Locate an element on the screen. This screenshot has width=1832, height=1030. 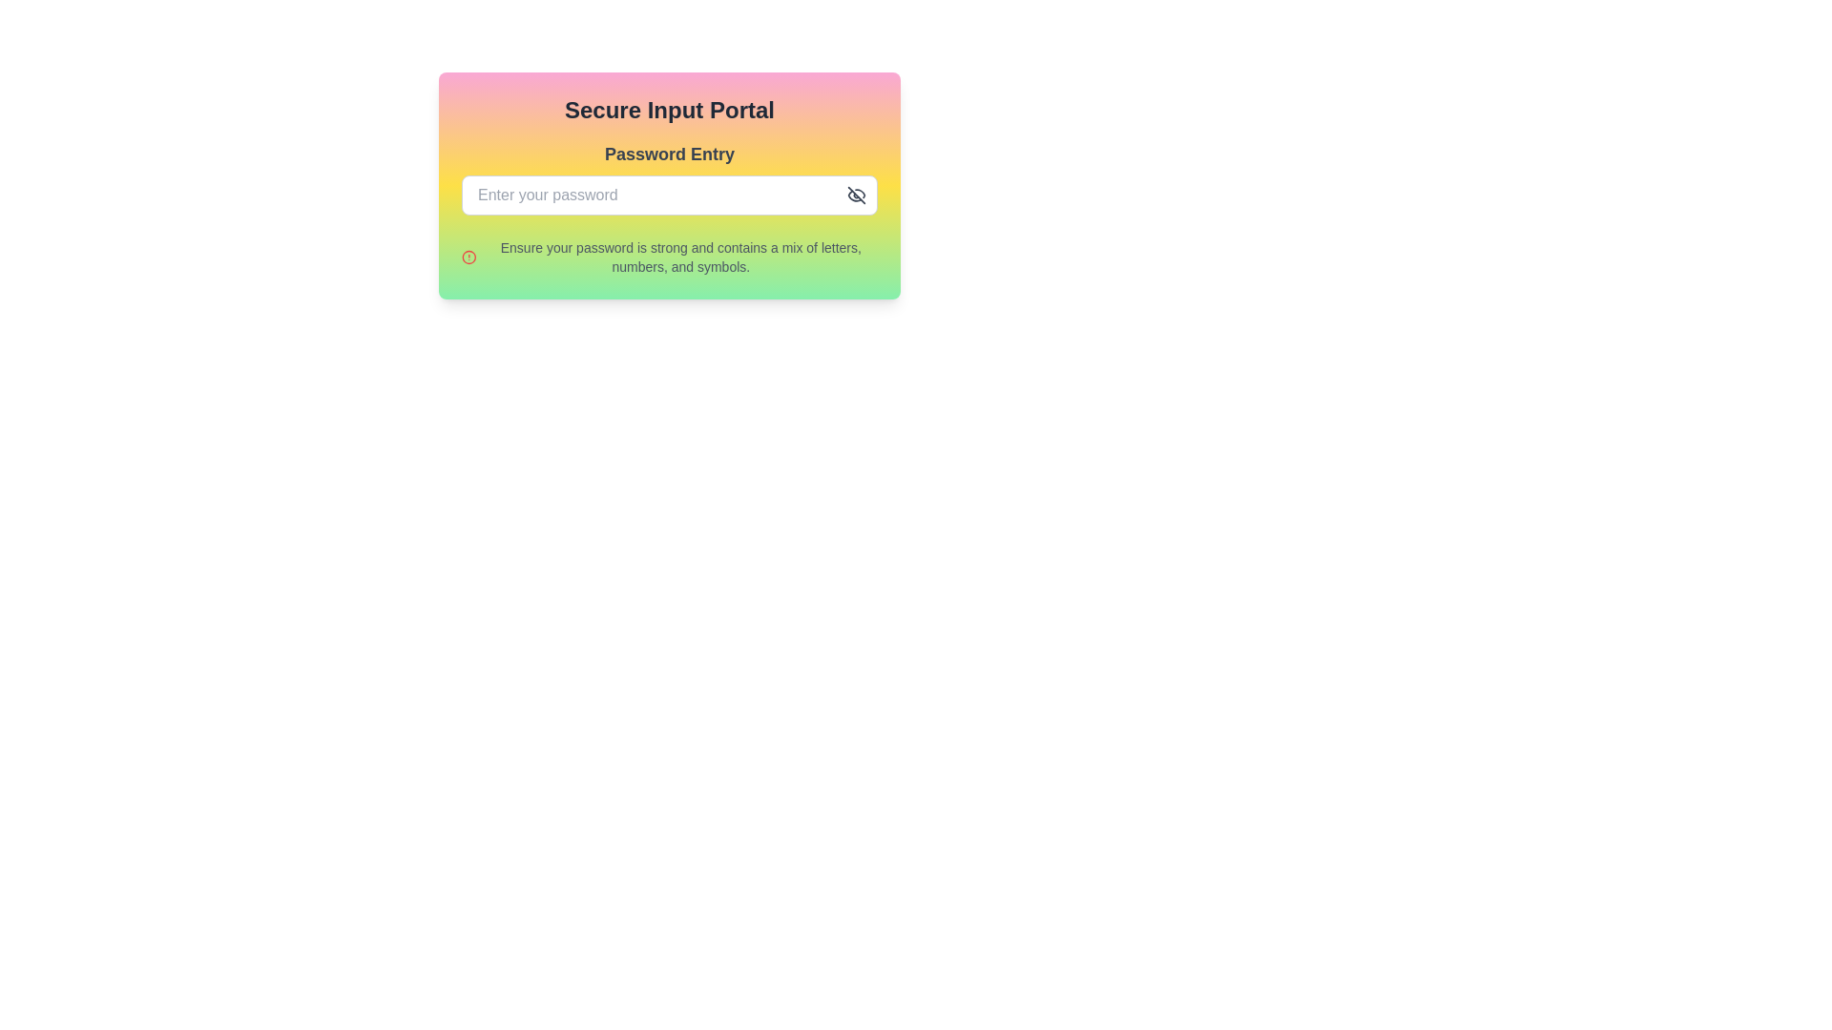
the visibility toggle icon button located to the right of the password input field to change its shade is located at coordinates (855, 195).